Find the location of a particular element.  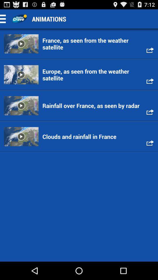

app home is located at coordinates (19, 19).